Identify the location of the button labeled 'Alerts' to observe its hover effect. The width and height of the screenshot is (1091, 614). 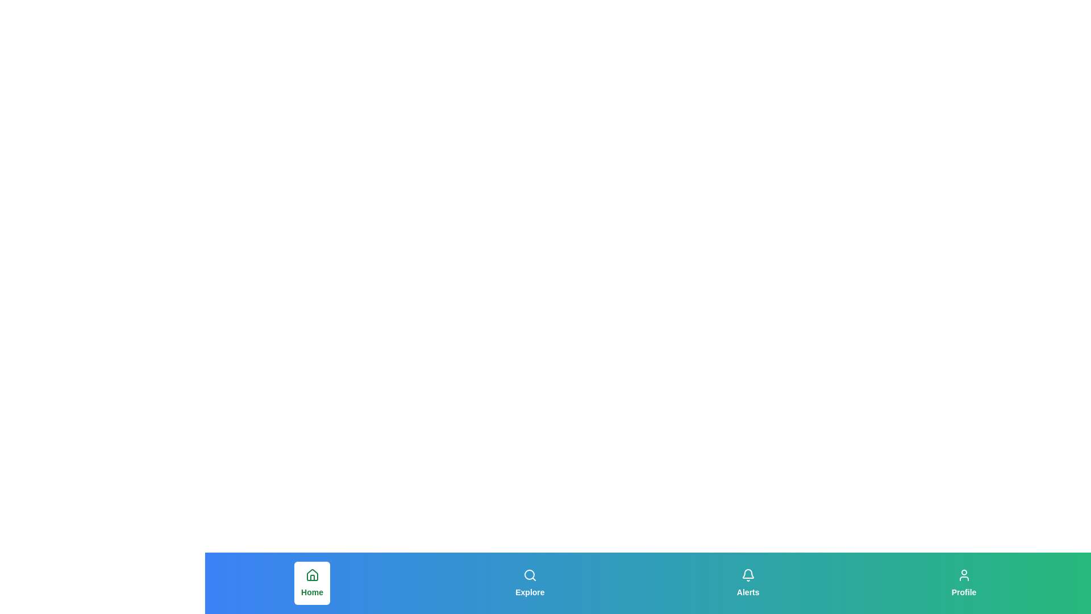
(748, 583).